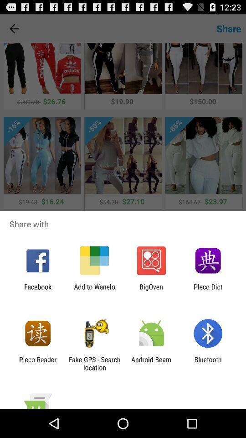 The height and width of the screenshot is (438, 246). Describe the element at coordinates (94, 363) in the screenshot. I see `the icon to the left of android beam icon` at that location.